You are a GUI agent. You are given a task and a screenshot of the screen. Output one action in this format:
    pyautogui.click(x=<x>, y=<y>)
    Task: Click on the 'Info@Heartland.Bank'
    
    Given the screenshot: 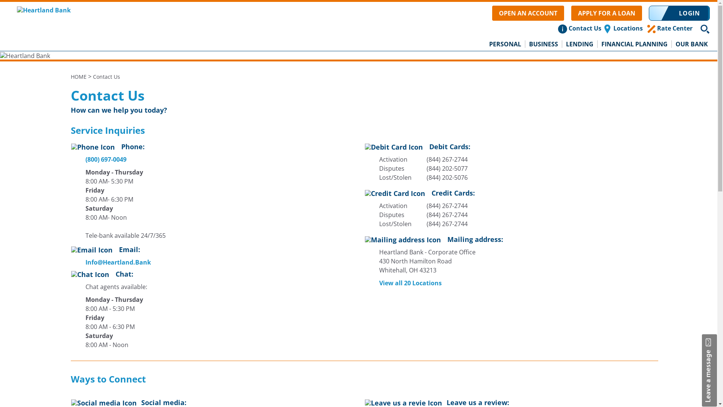 What is the action you would take?
    pyautogui.click(x=113, y=262)
    